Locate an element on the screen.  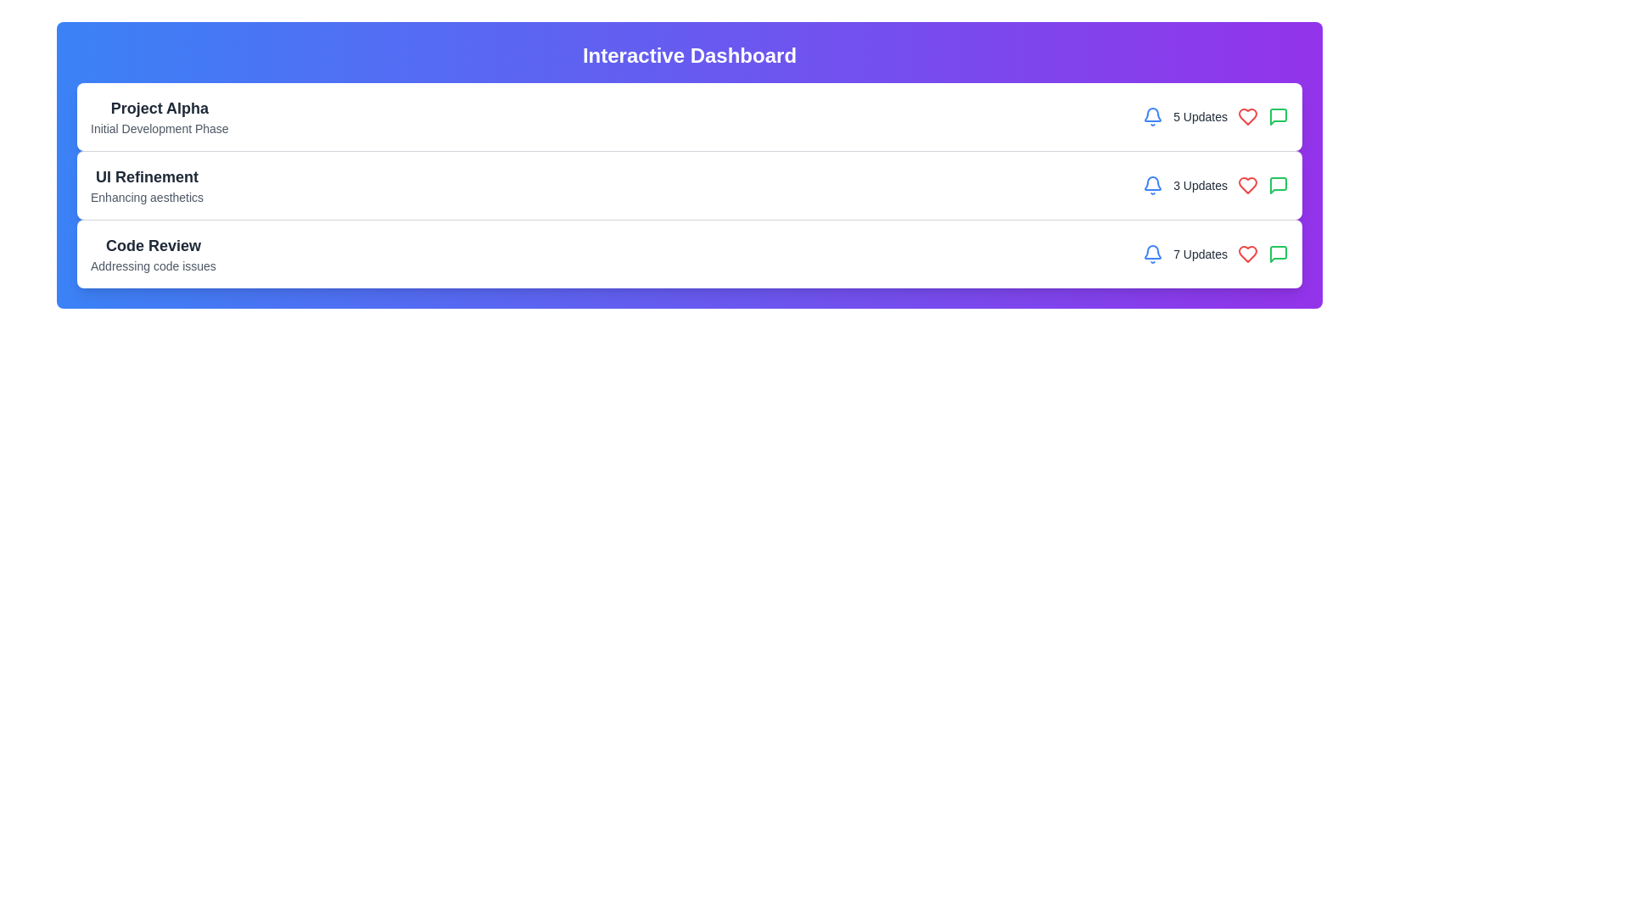
the heart icon that indicates a 'favorite' or 'like' feature, located in the rightmost section of the third row, directly to the right of '7 Updates' is located at coordinates (1247, 254).